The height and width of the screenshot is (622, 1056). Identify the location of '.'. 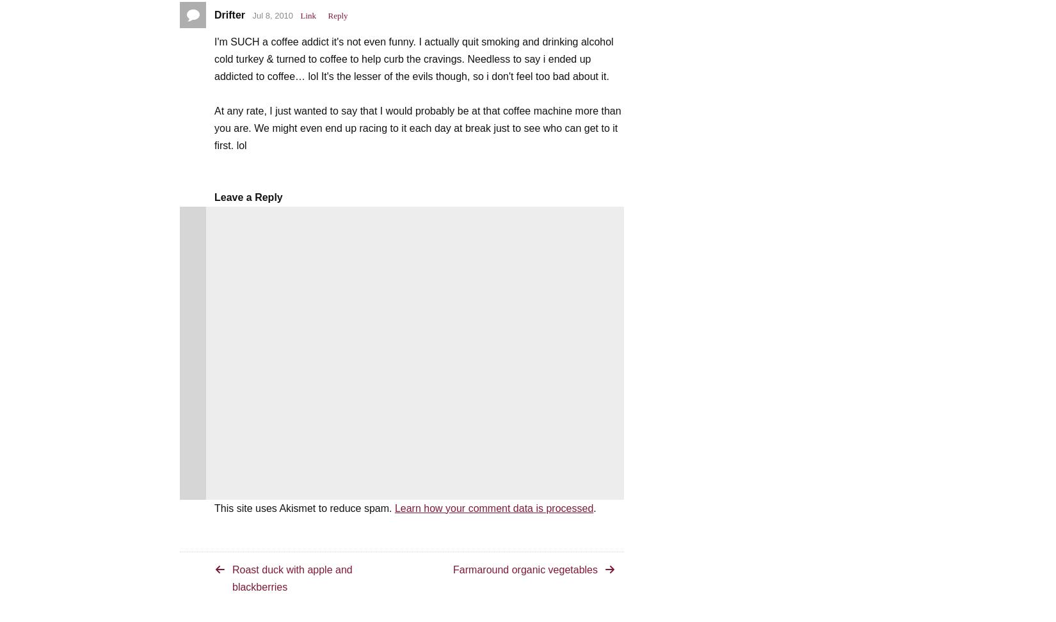
(594, 507).